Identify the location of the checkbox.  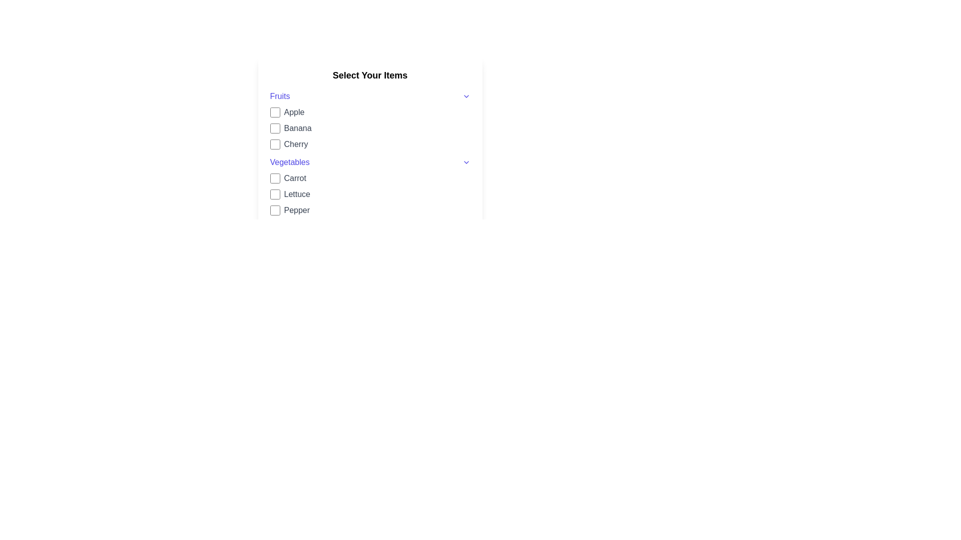
(275, 144).